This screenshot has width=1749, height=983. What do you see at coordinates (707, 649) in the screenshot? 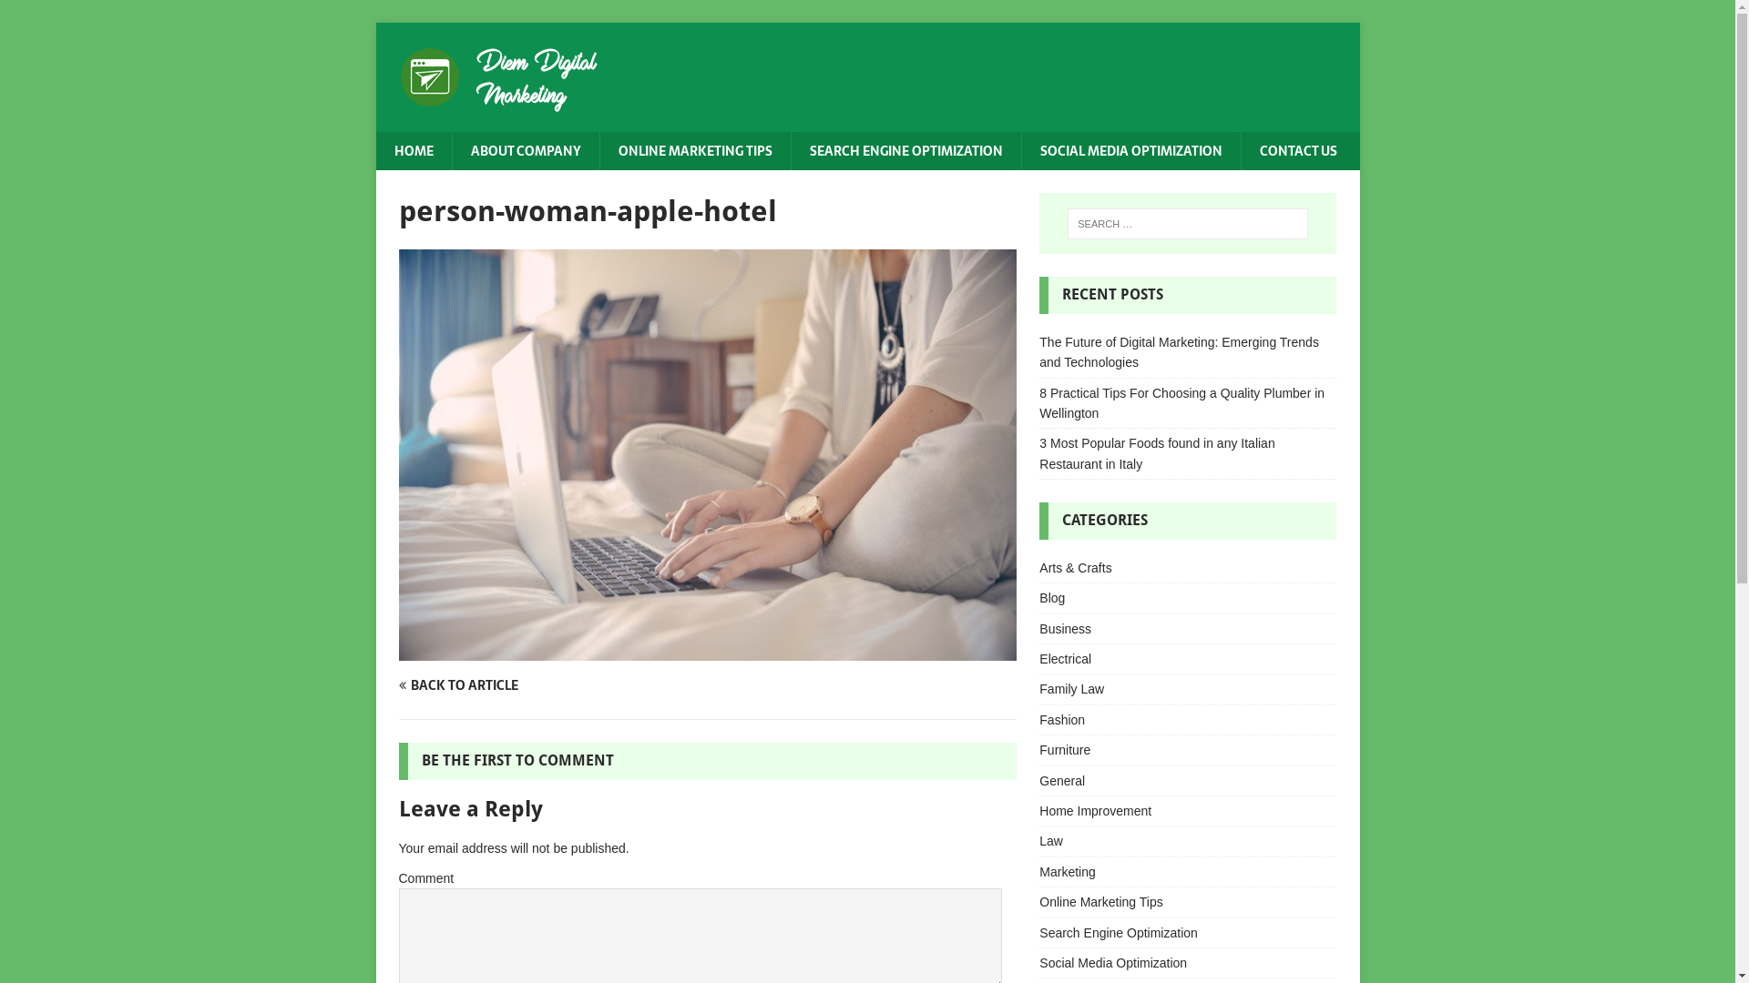
I see `'person-woman-apple-hotel'` at bounding box center [707, 649].